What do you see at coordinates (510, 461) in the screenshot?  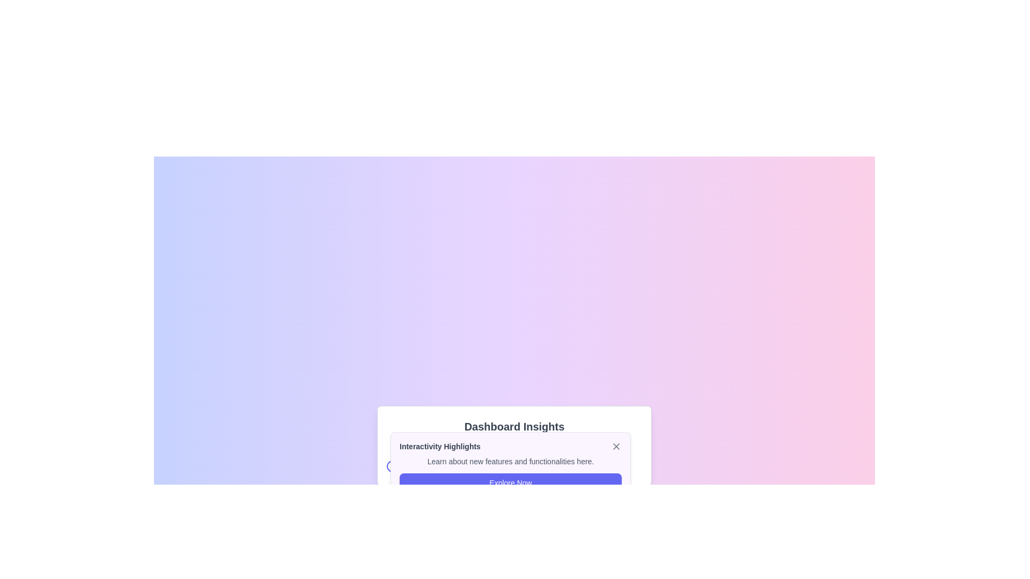 I see `the text label that displays 'Learn about new features and functionalities here.' located in the center-lower area of the 'Interactivity Highlights' popup` at bounding box center [510, 461].